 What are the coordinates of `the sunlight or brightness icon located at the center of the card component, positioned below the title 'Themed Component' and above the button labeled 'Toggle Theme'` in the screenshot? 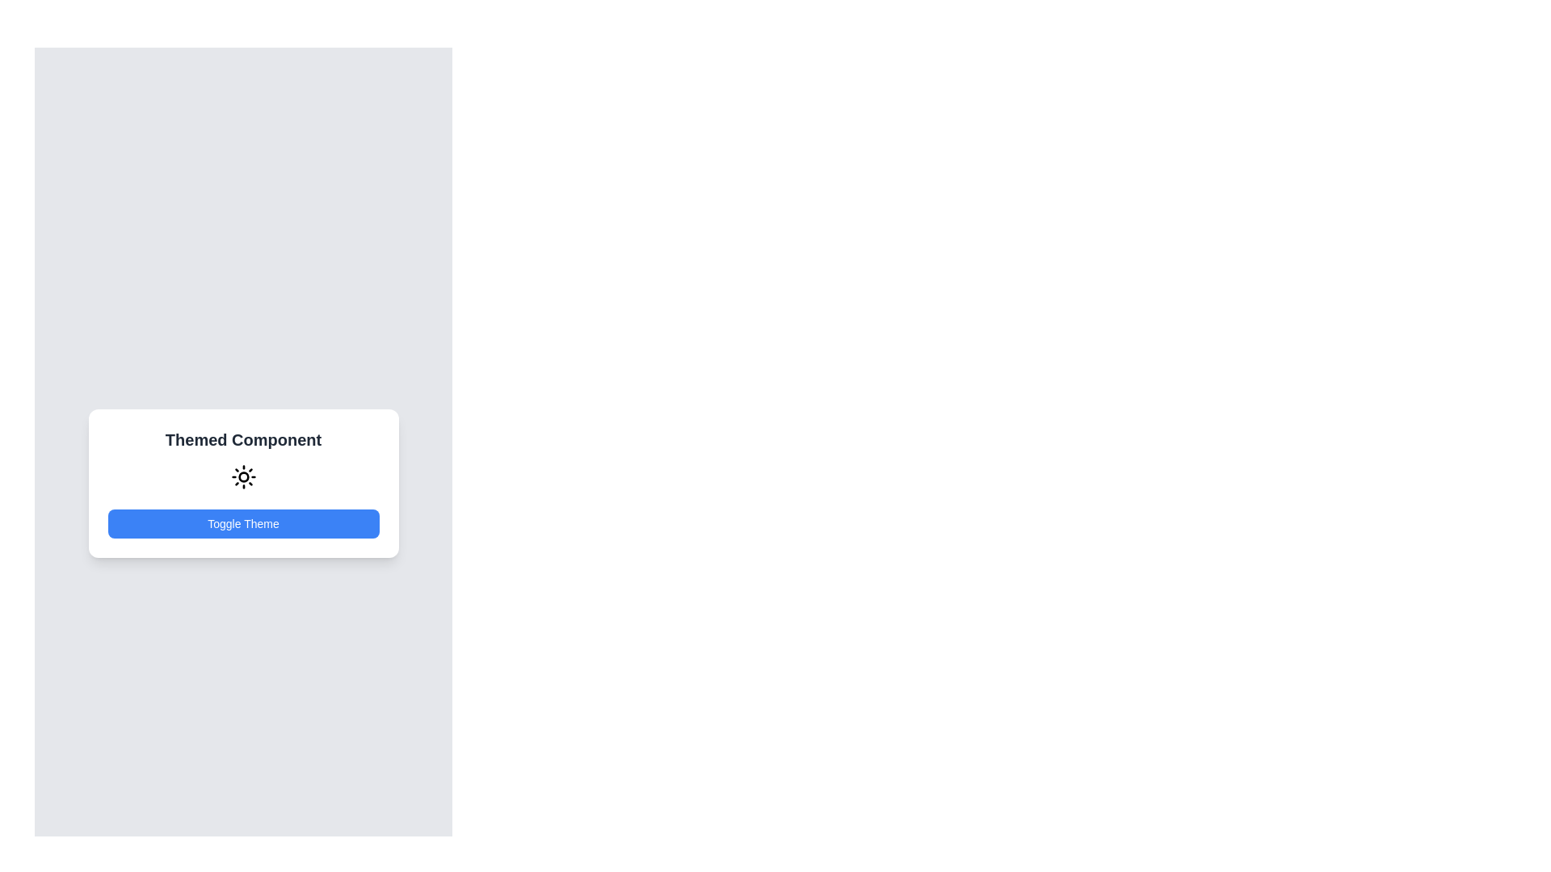 It's located at (242, 476).